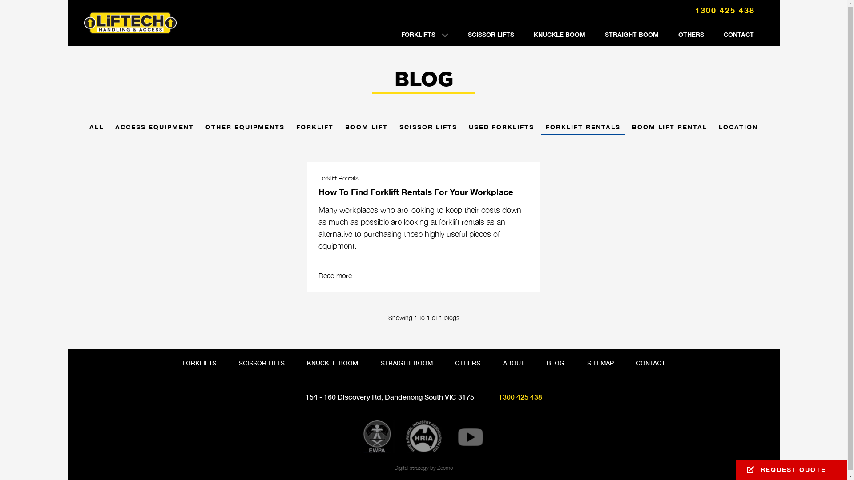  Describe the element at coordinates (428, 128) in the screenshot. I see `'SCISSOR LIFTS'` at that location.